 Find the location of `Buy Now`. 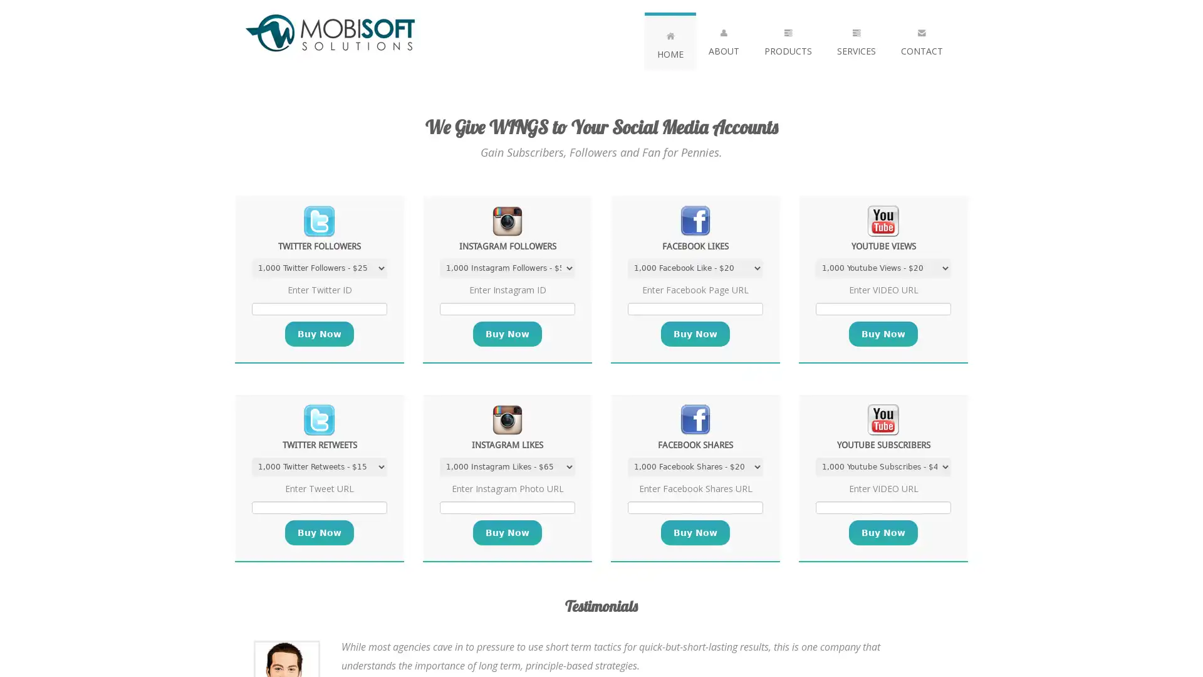

Buy Now is located at coordinates (883, 532).